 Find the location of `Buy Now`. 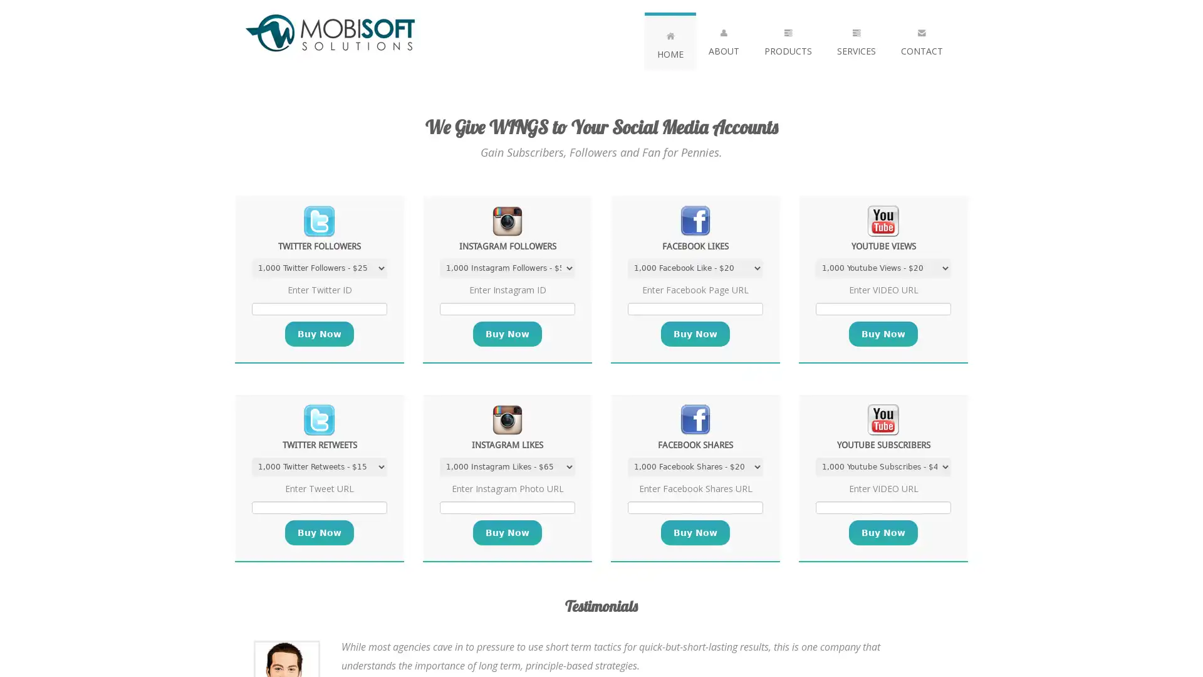

Buy Now is located at coordinates (883, 532).